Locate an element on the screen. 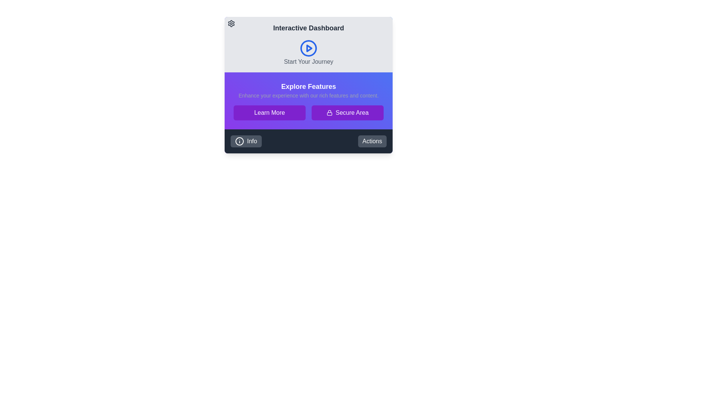 This screenshot has width=720, height=405. the cogwheel-shaped icon with dark-gray outlines located in the top-left corner of the options card, which symbolizes settings and configuration is located at coordinates (231, 23).